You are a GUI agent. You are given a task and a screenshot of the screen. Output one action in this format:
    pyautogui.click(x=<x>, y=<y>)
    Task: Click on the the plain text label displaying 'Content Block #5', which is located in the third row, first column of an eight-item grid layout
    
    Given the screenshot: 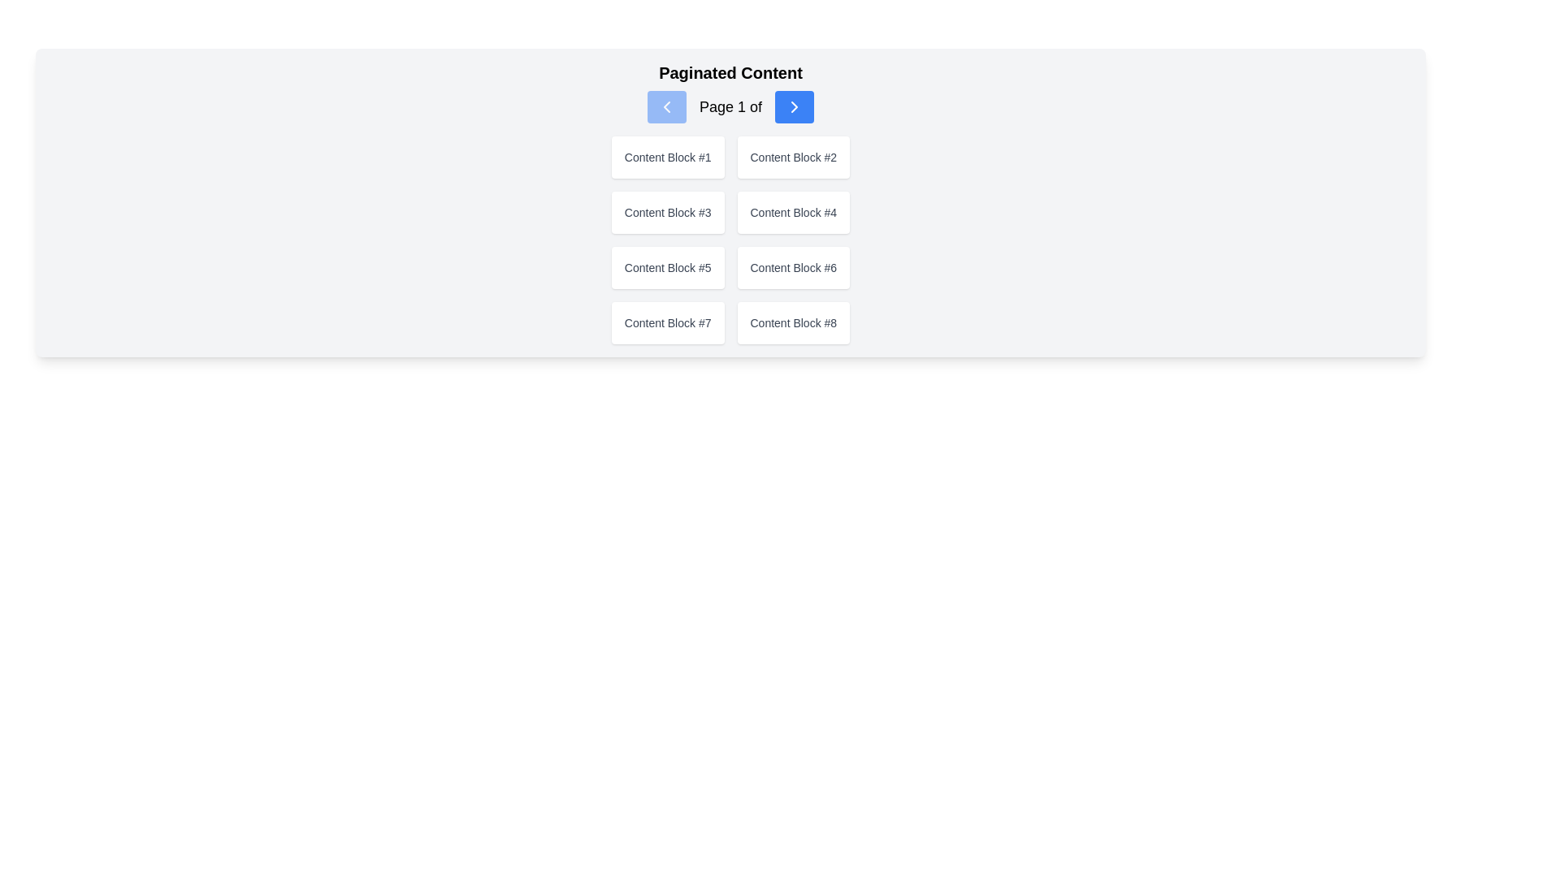 What is the action you would take?
    pyautogui.click(x=668, y=267)
    